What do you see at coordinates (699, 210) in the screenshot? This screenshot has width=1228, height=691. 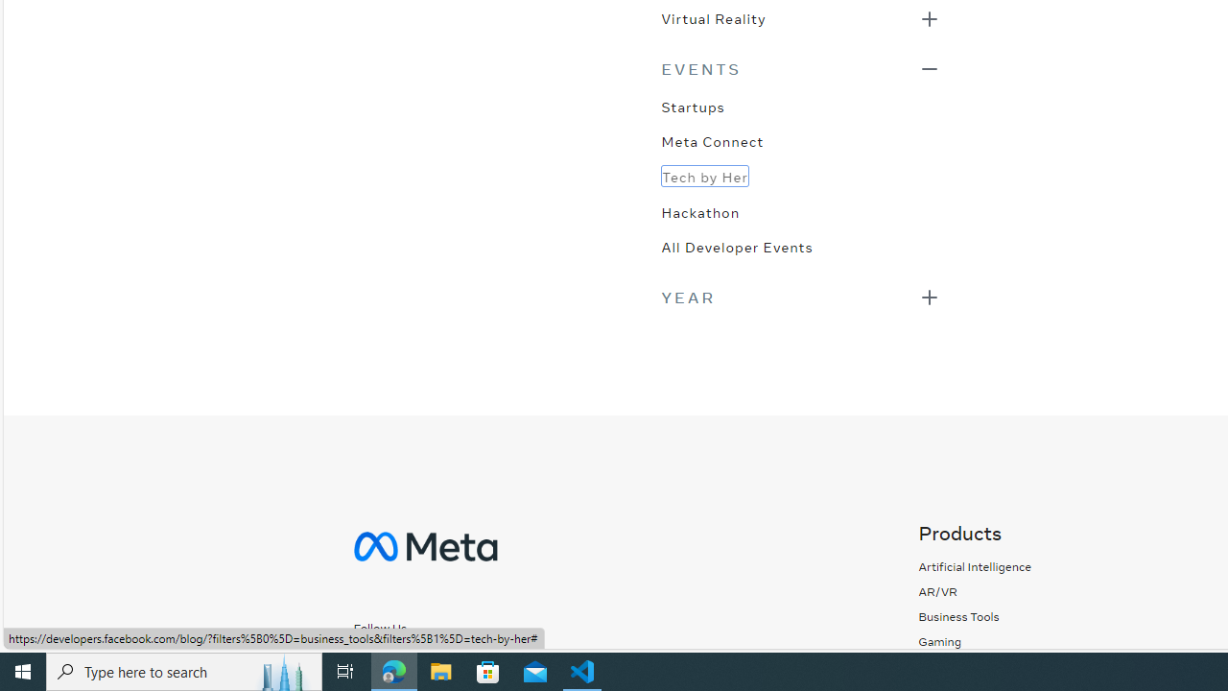 I see `'Hackathon'` at bounding box center [699, 210].